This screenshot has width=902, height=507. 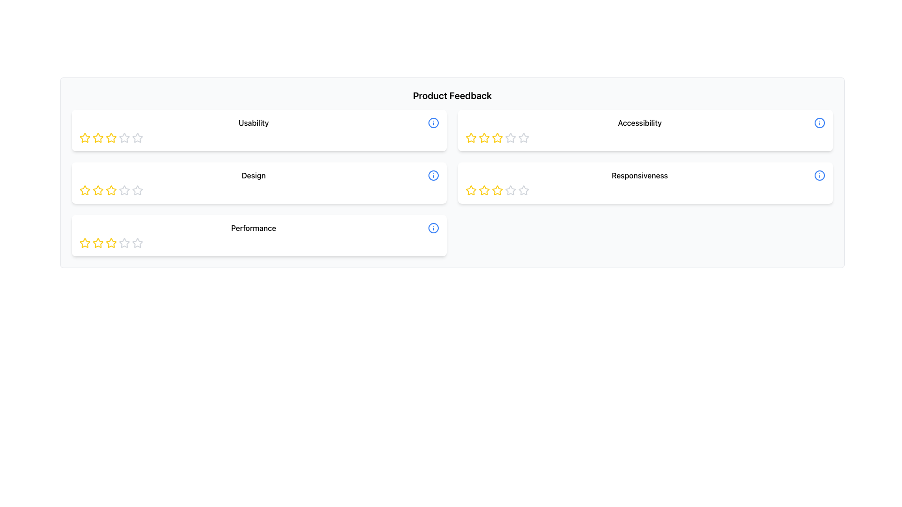 I want to click on the second star-shaped icon in the ratings for the 'Responsiveness' category to rate it, so click(x=484, y=190).